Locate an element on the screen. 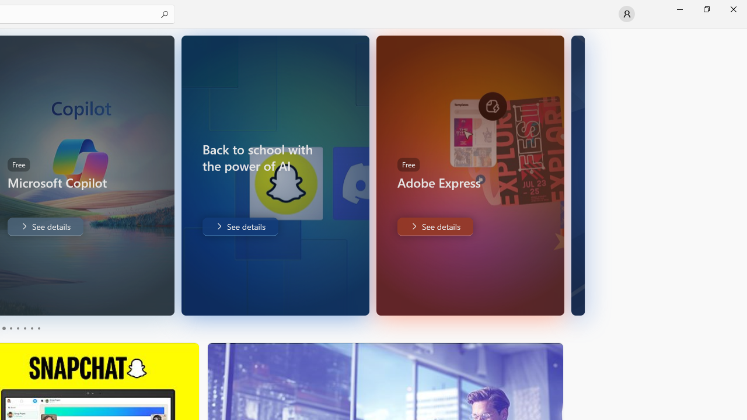 The image size is (747, 420). 'Page 6' is located at coordinates (38, 328).